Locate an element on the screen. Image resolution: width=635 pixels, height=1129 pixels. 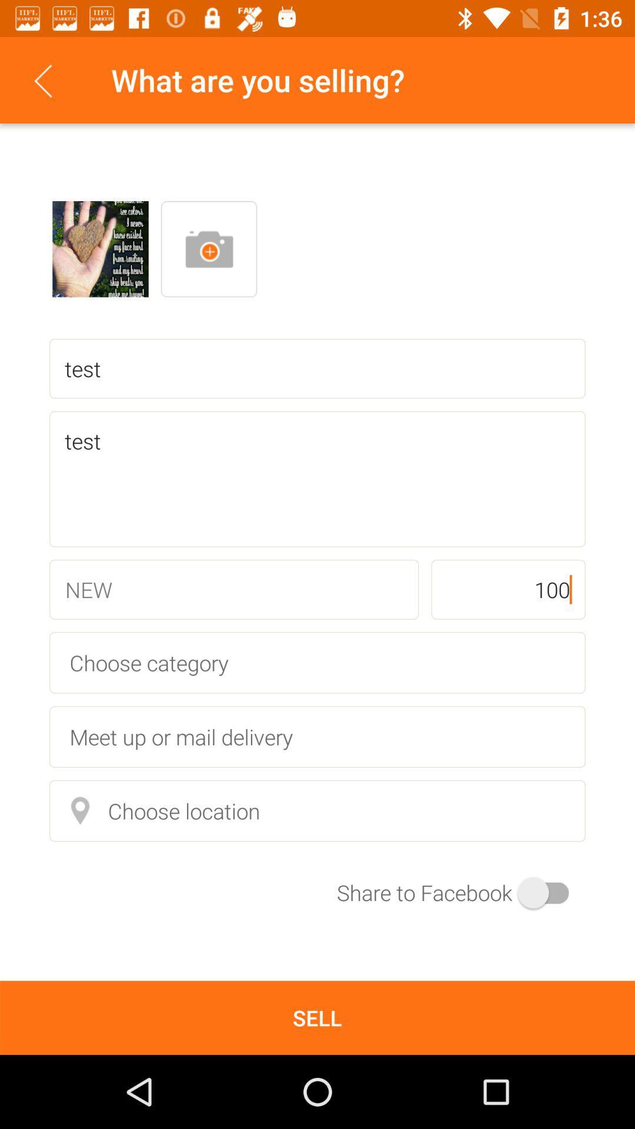
icon on the right is located at coordinates (507, 589).